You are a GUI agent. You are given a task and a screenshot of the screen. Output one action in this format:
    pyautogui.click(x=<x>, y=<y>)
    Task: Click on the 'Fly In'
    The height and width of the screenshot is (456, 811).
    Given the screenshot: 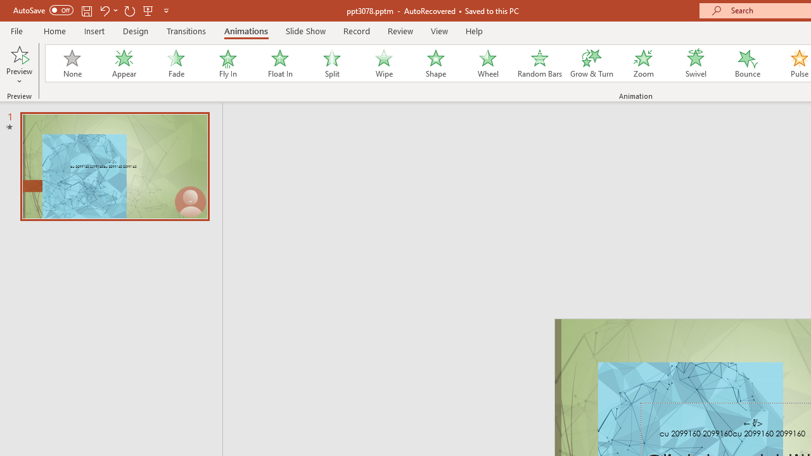 What is the action you would take?
    pyautogui.click(x=227, y=63)
    